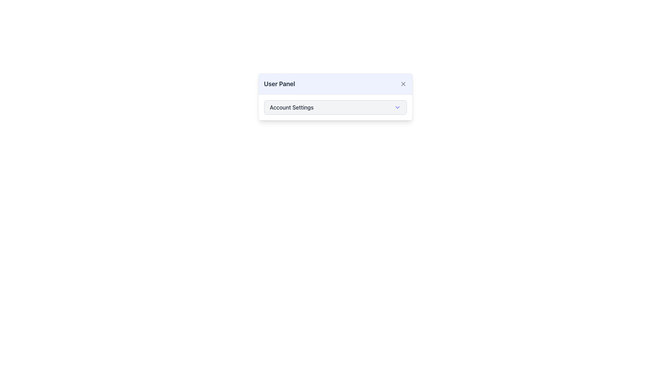 Image resolution: width=662 pixels, height=372 pixels. Describe the element at coordinates (335, 107) in the screenshot. I see `the collapsible dropdown button located` at that location.